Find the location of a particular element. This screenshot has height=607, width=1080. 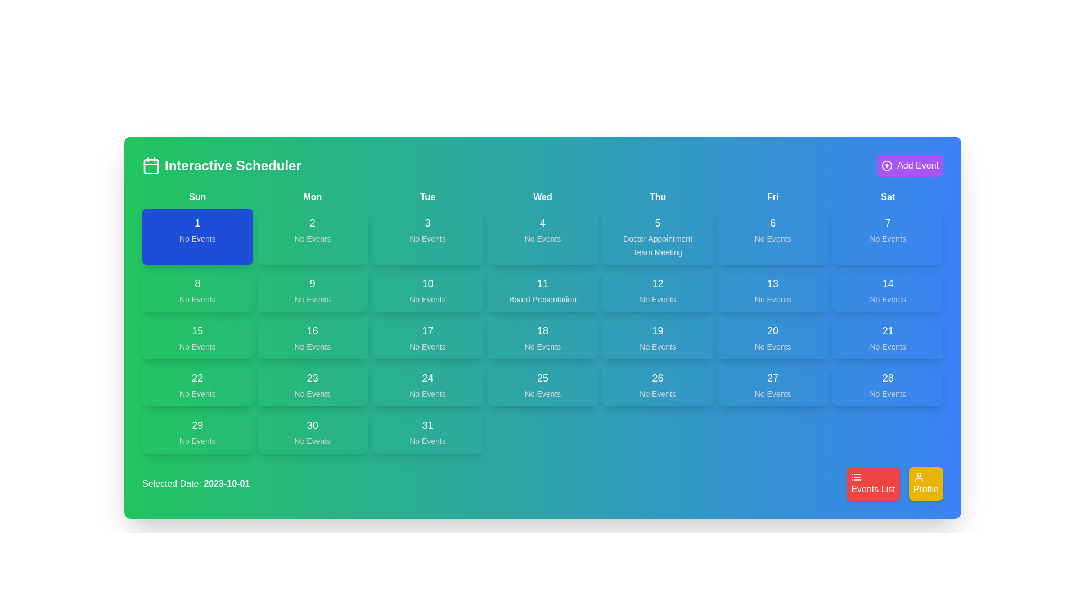

the static text label displaying 'No Events.' which is centered beneath the number '18' in the interactive scheduler's calendar cell is located at coordinates (542, 346).